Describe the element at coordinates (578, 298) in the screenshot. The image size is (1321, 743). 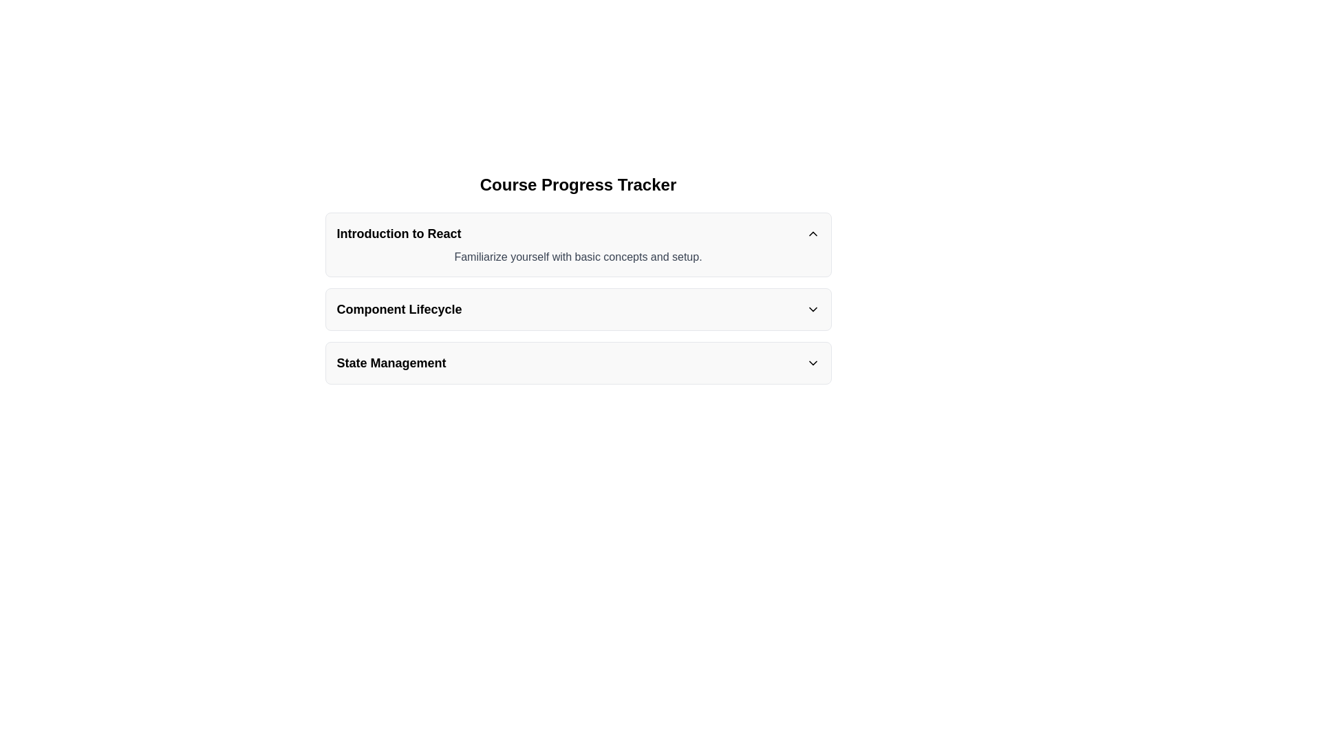
I see `the 'Component Lifecycle' collapsible panel, which is the second section in a series of three collapsible panels` at that location.